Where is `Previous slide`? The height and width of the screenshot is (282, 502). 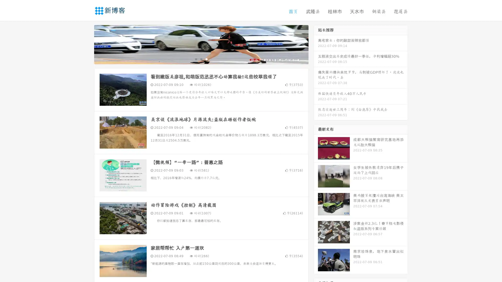
Previous slide is located at coordinates (86, 44).